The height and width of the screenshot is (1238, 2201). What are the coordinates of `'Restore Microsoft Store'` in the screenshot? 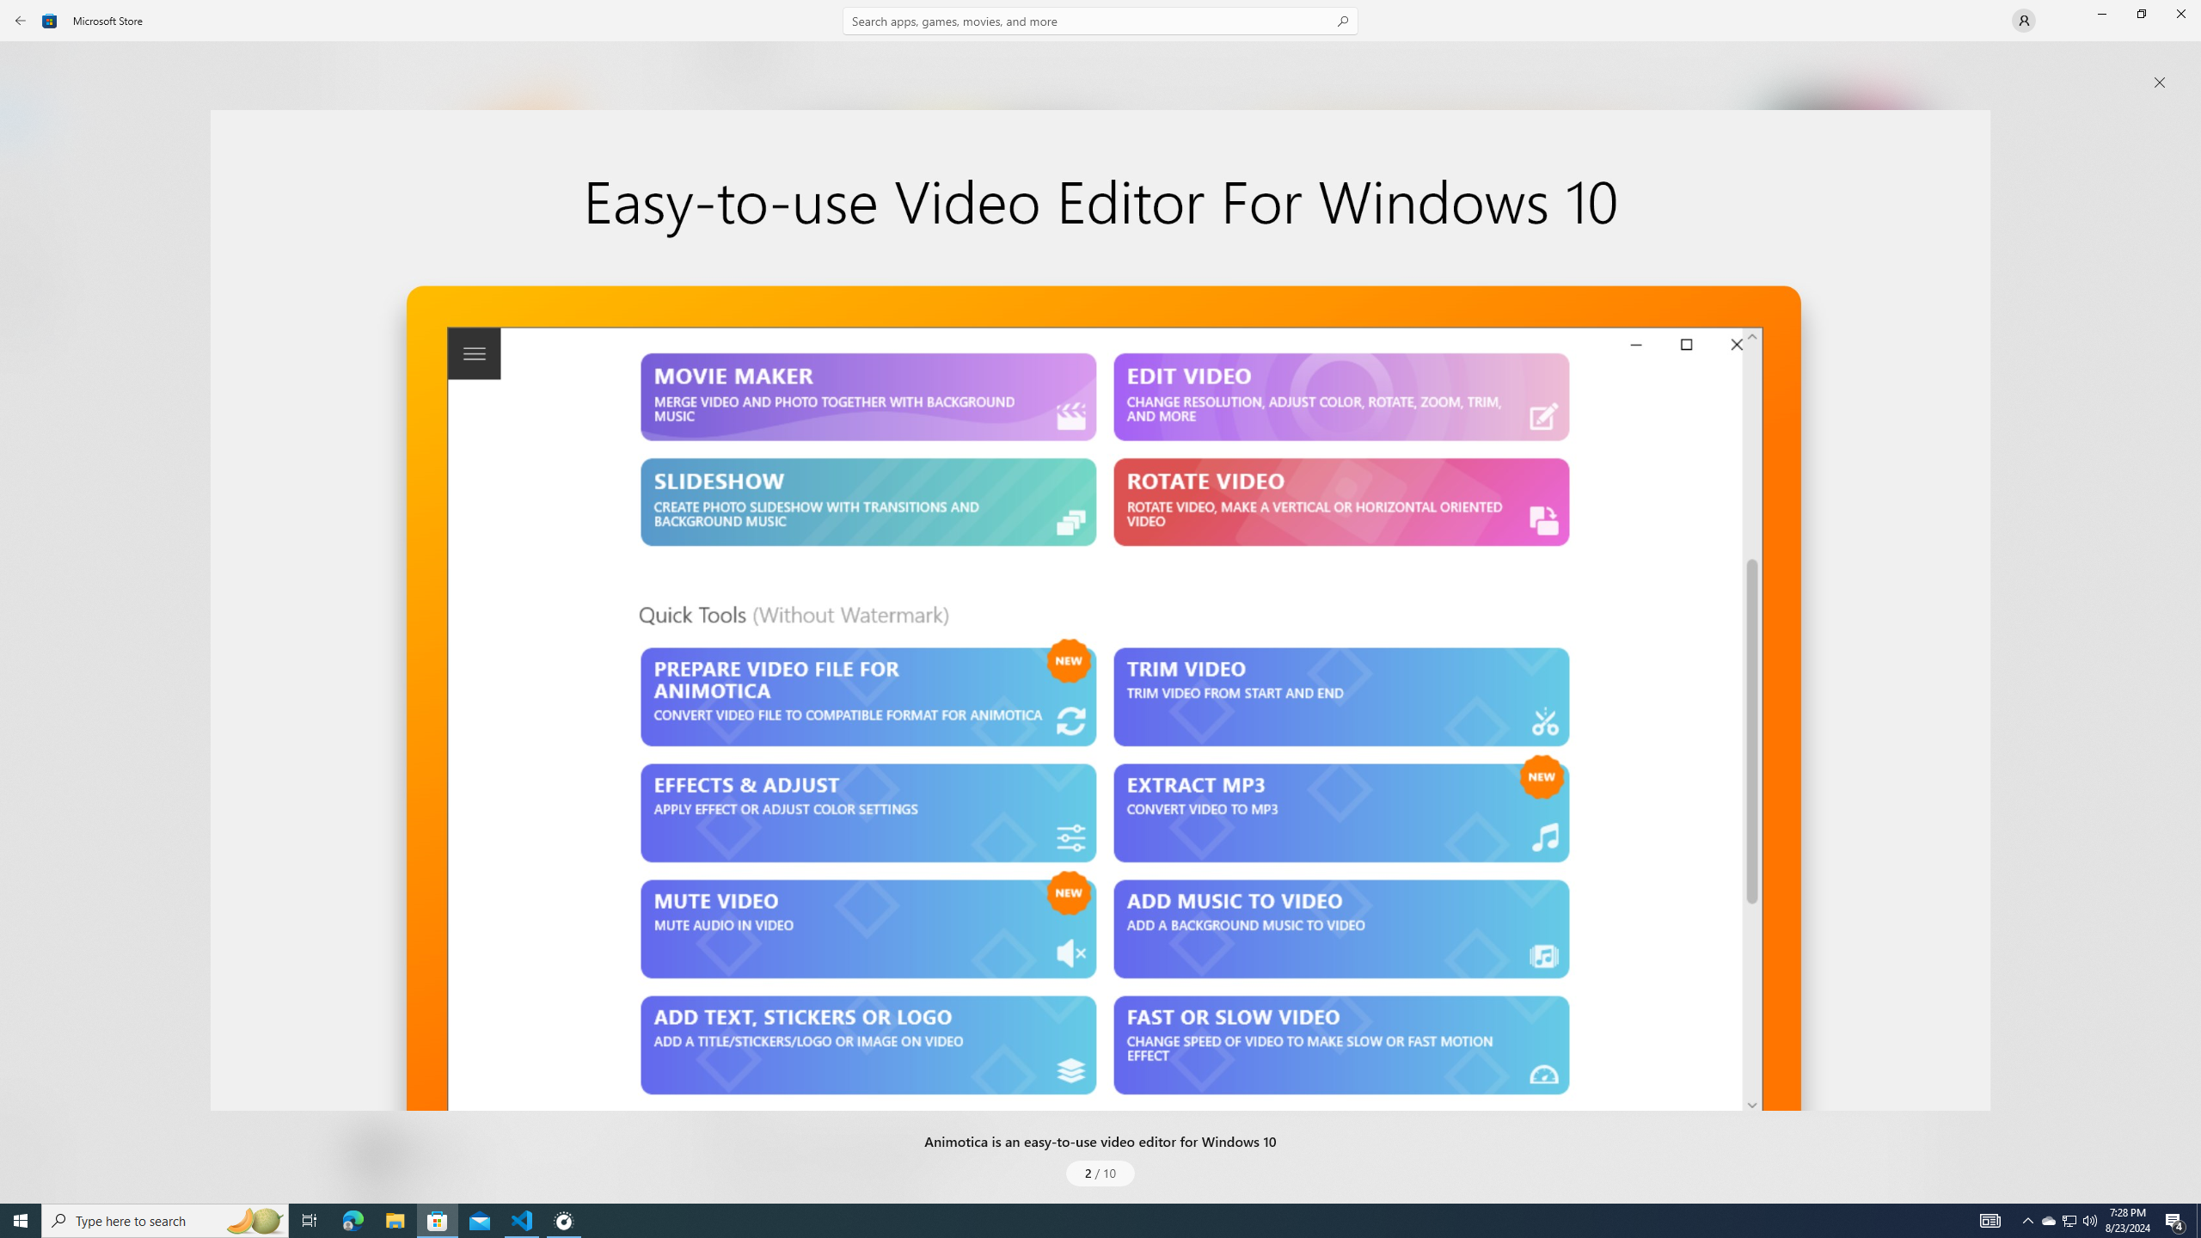 It's located at (2141, 13).